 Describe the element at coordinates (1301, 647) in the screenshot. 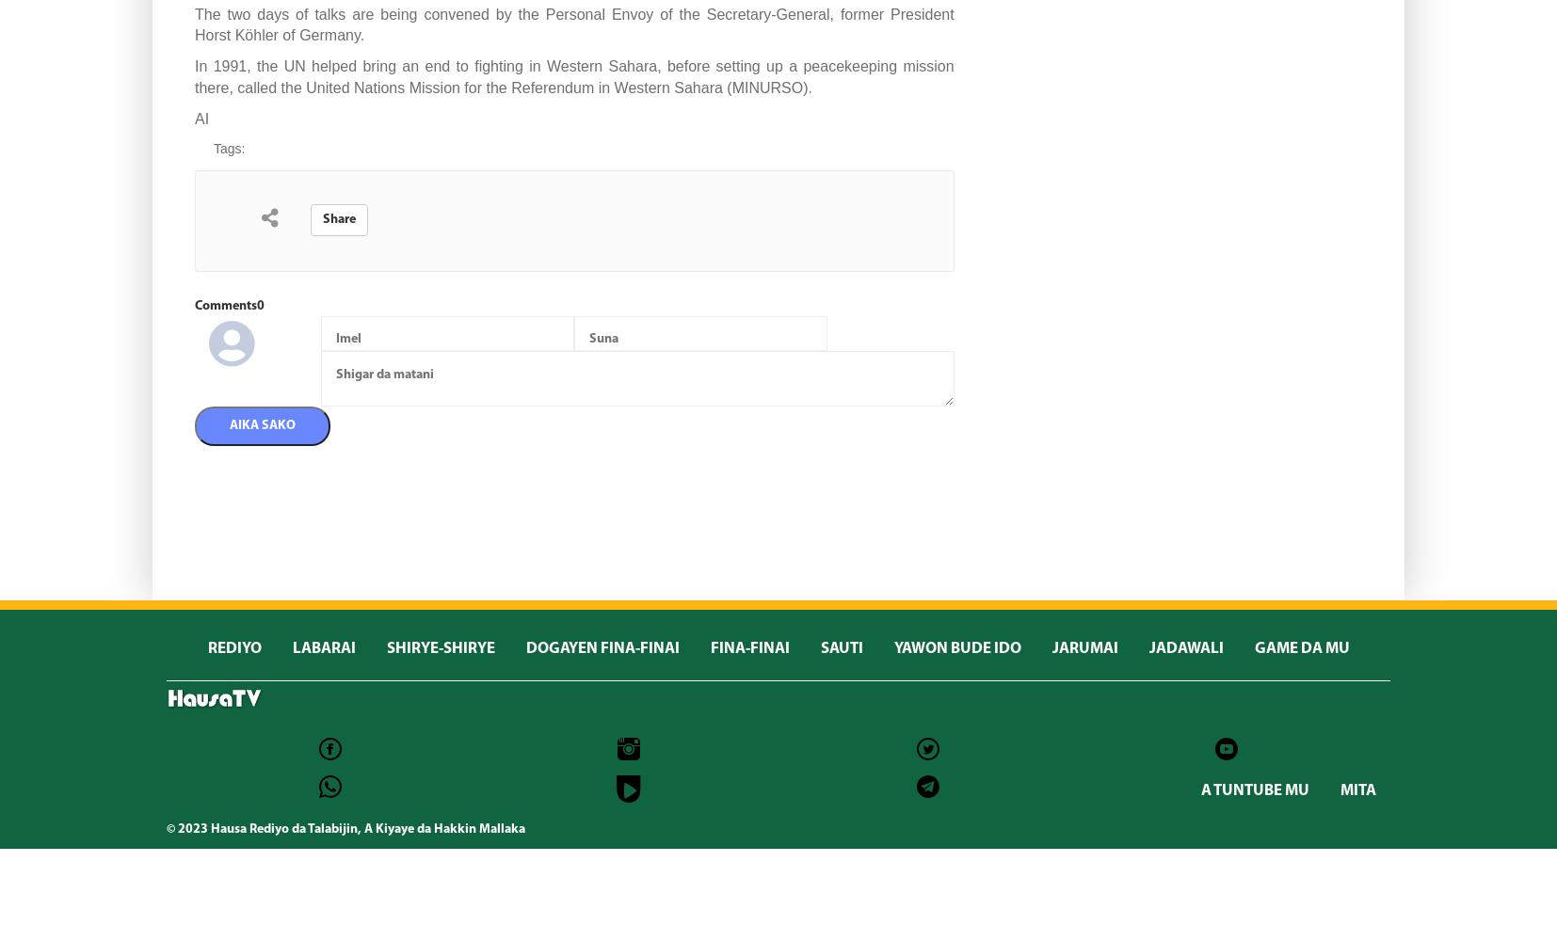

I see `'GAME DA MU'` at that location.